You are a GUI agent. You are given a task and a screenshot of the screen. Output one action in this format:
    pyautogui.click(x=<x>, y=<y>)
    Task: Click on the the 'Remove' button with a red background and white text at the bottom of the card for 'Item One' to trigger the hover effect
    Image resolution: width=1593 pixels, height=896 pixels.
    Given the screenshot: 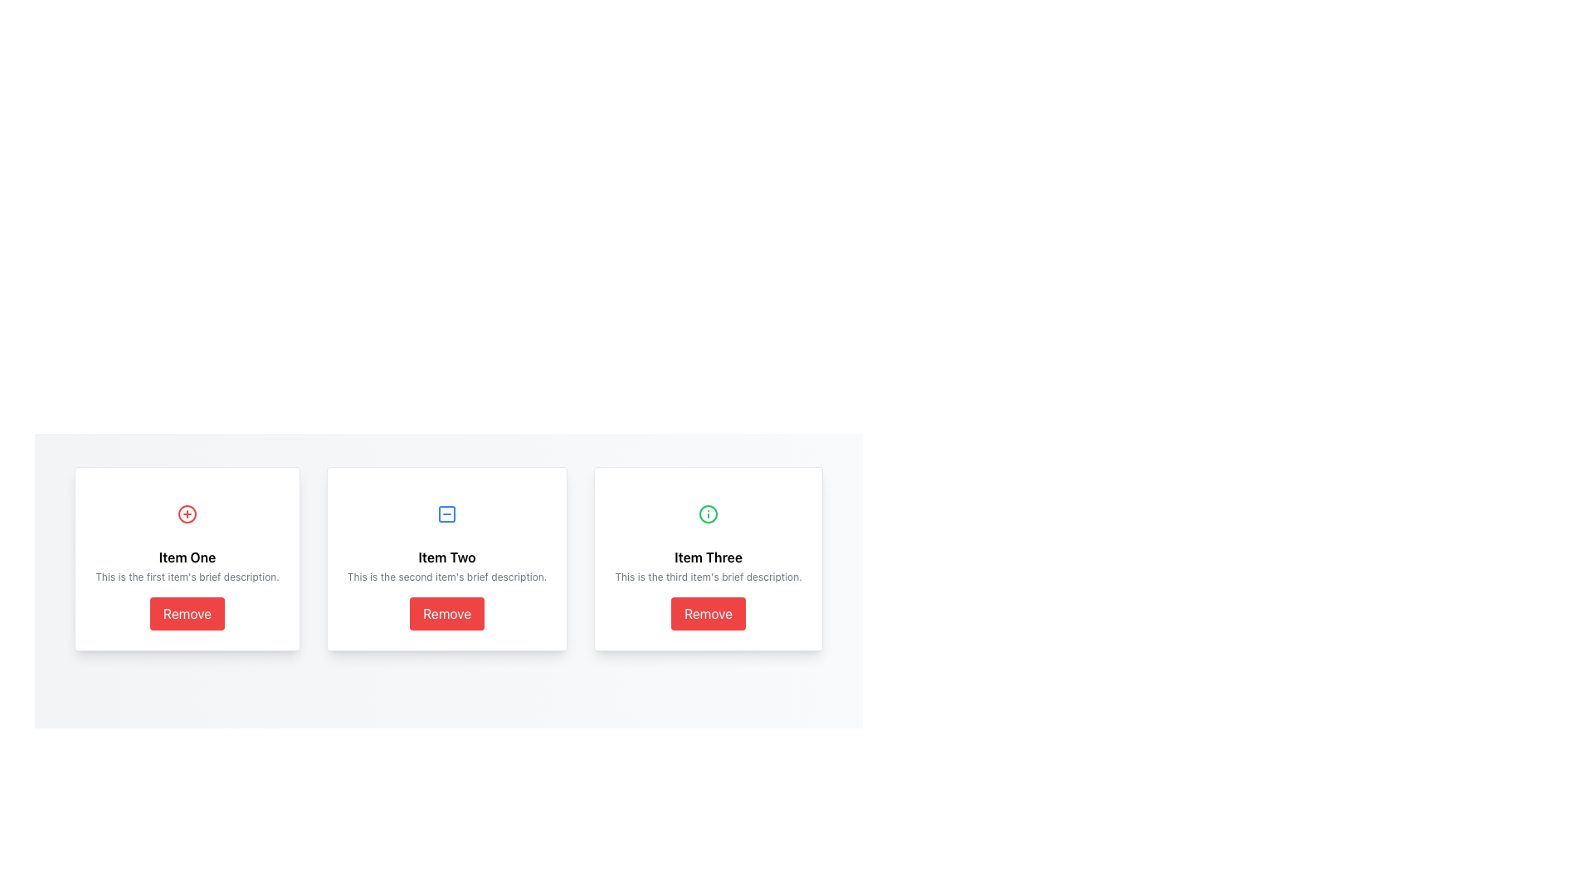 What is the action you would take?
    pyautogui.click(x=187, y=614)
    